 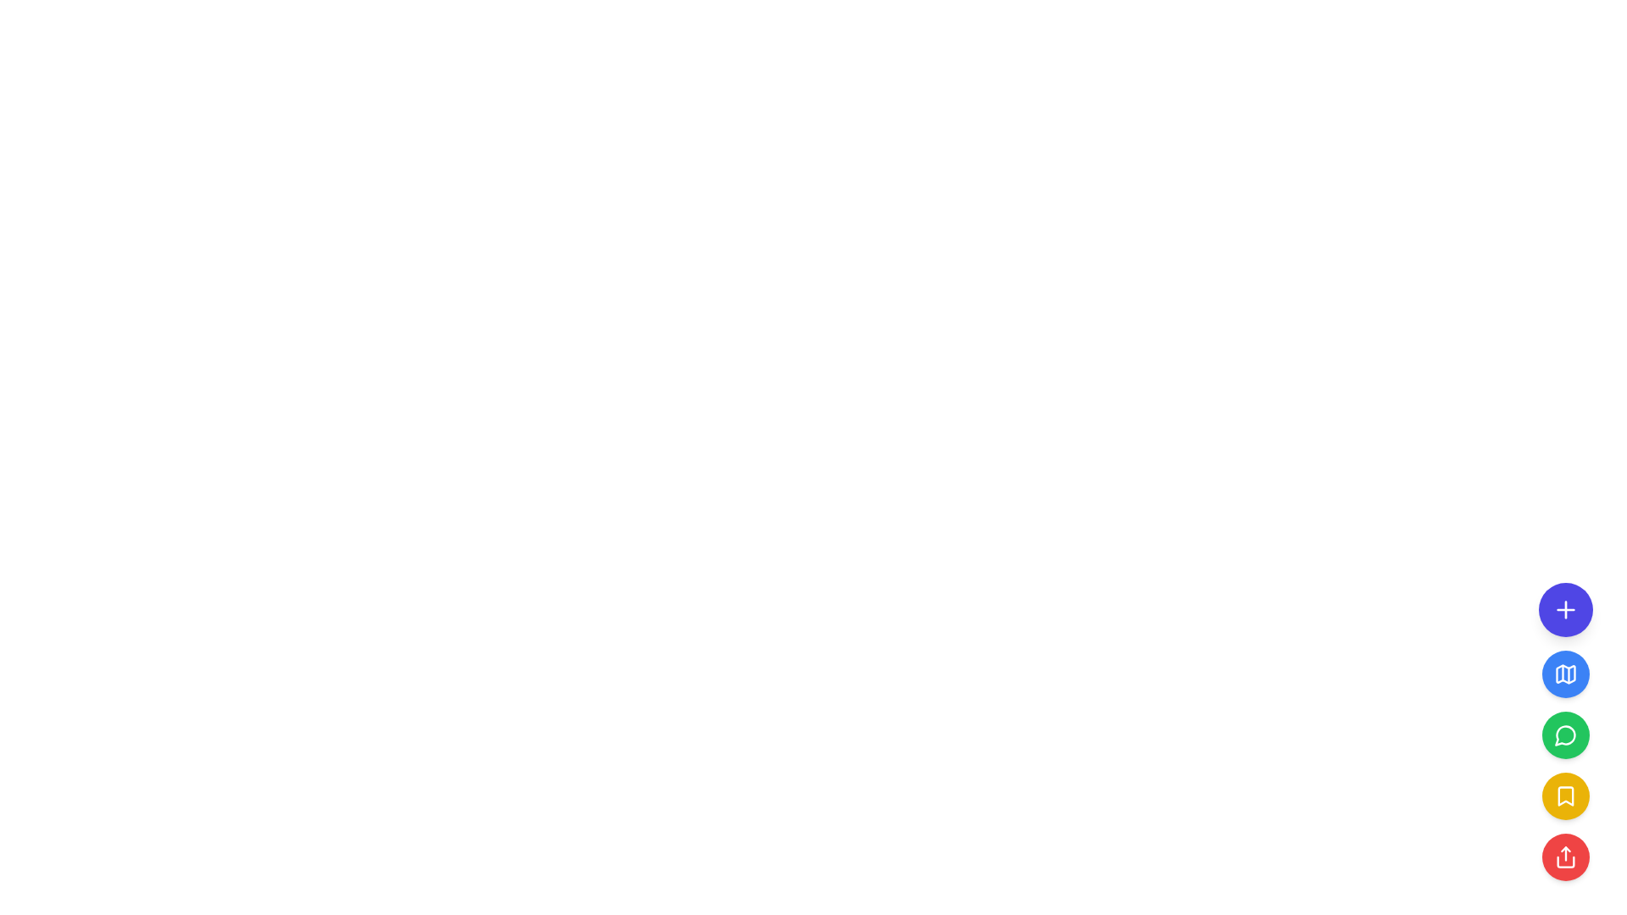 I want to click on the red circular button with a white upward arrow icon, located at the bottom-right corner of the interface, so click(x=1565, y=857).